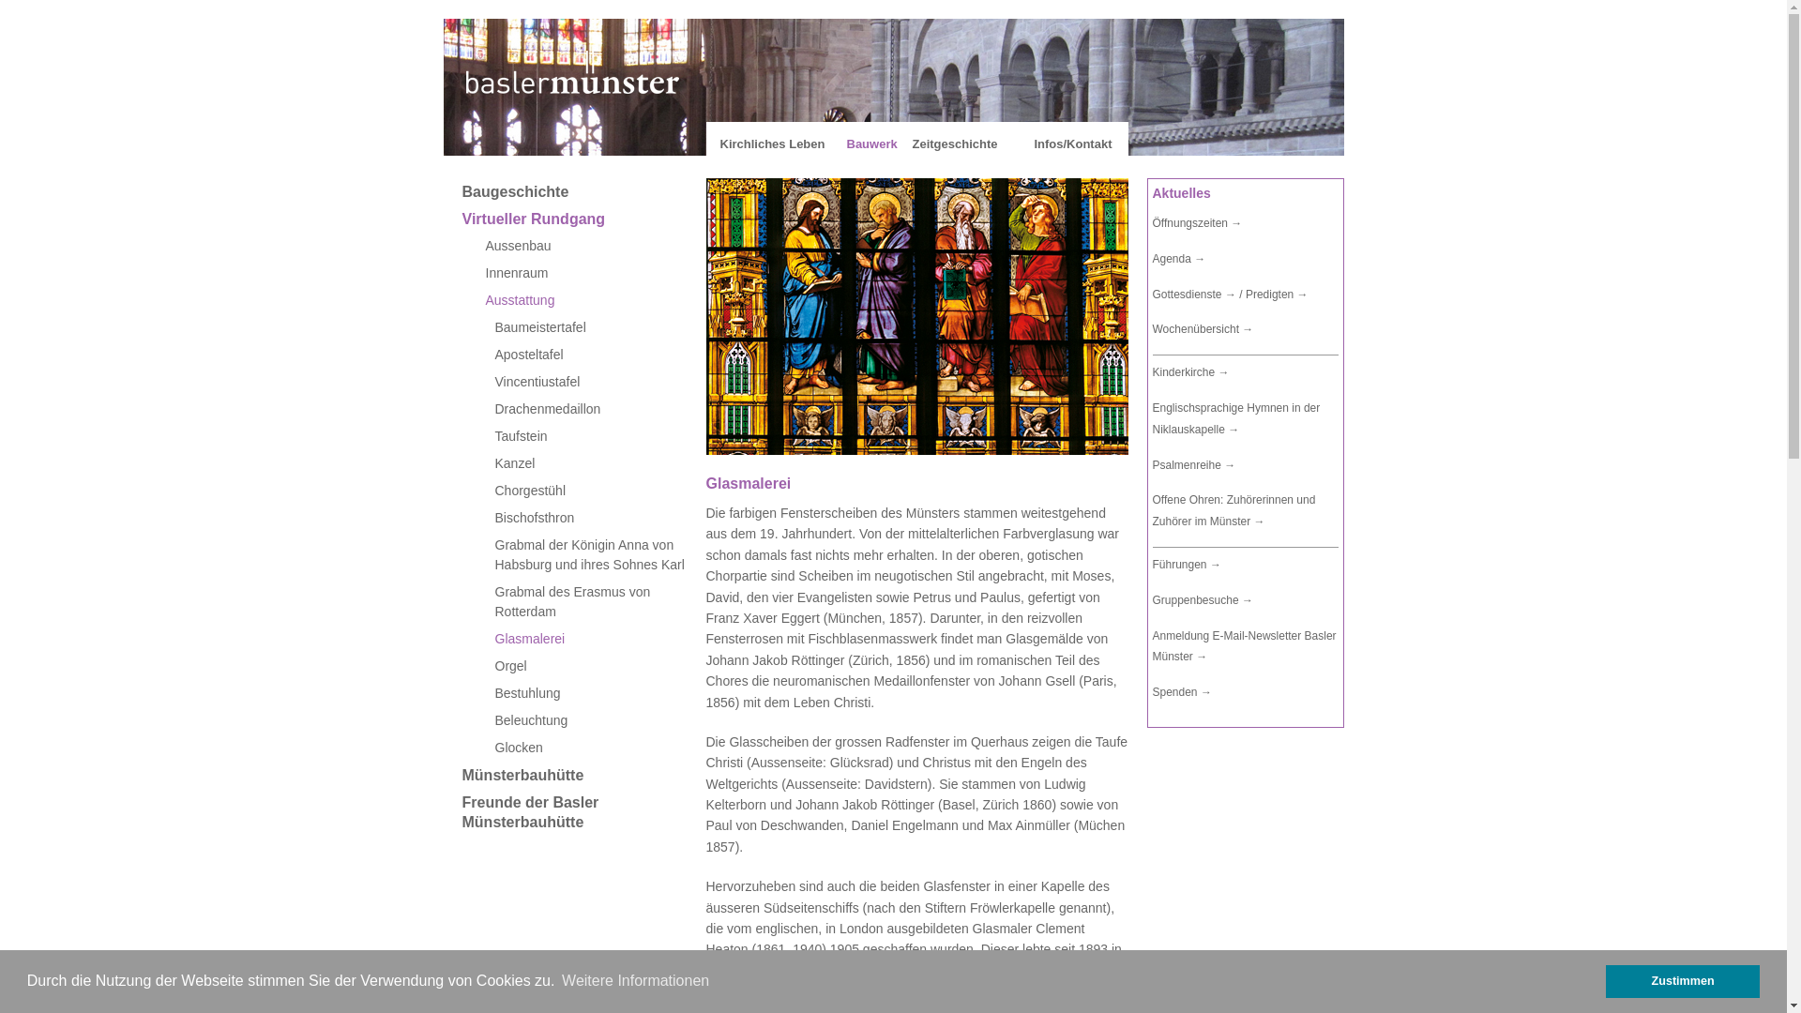  I want to click on 'Orgel', so click(587, 665).